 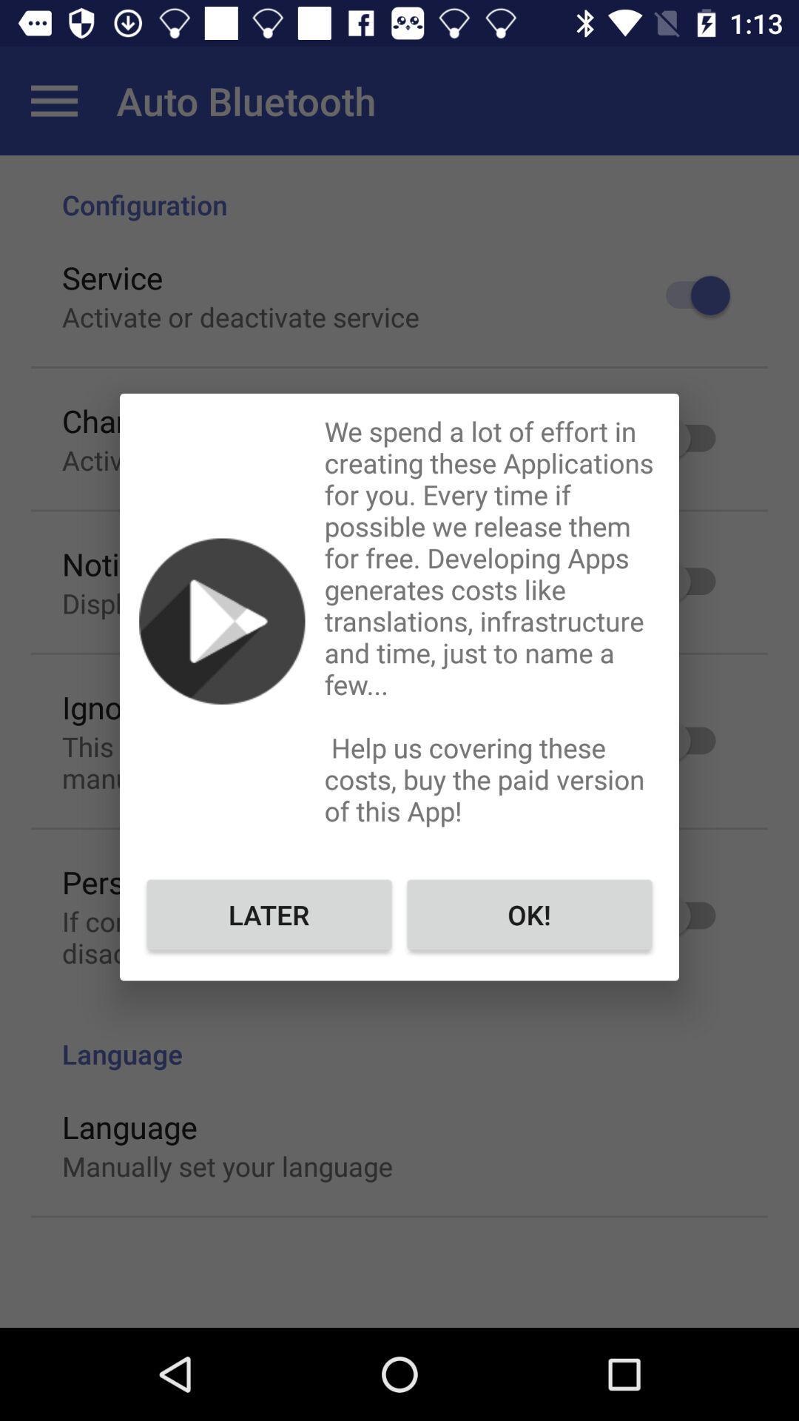 I want to click on app below we spend a, so click(x=528, y=913).